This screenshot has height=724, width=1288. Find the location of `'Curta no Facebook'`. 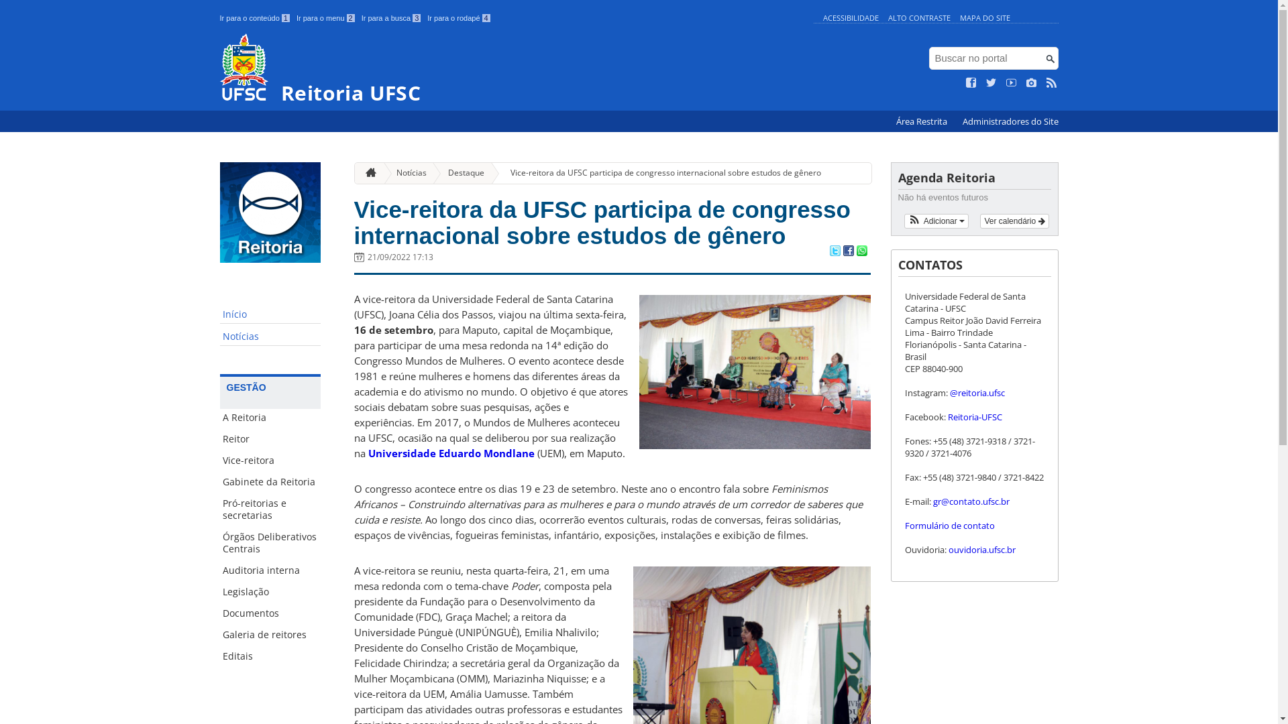

'Curta no Facebook' is located at coordinates (971, 82).